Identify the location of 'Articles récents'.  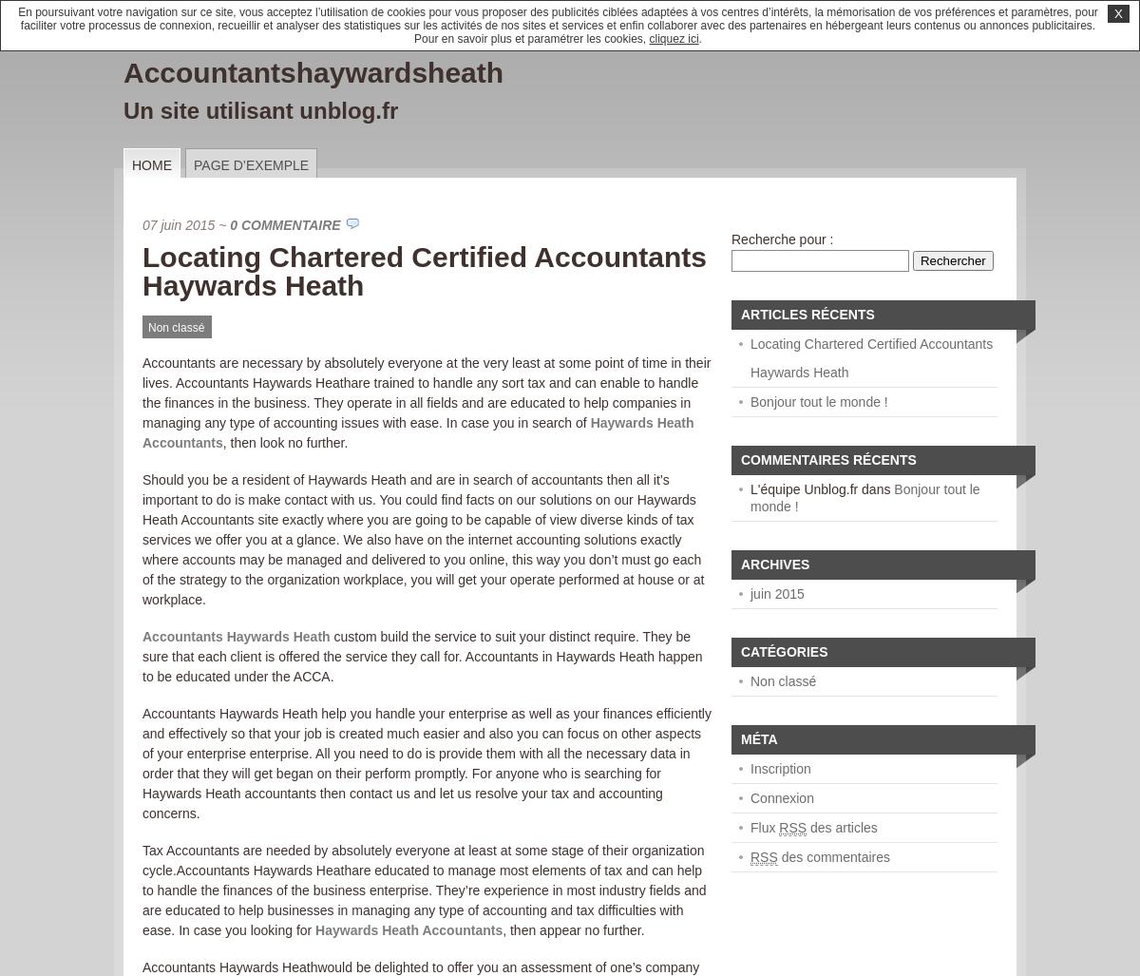
(806, 314).